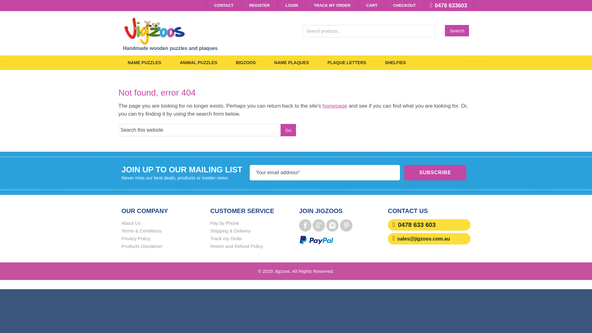  What do you see at coordinates (288, 129) in the screenshot?
I see `'Go'` at bounding box center [288, 129].